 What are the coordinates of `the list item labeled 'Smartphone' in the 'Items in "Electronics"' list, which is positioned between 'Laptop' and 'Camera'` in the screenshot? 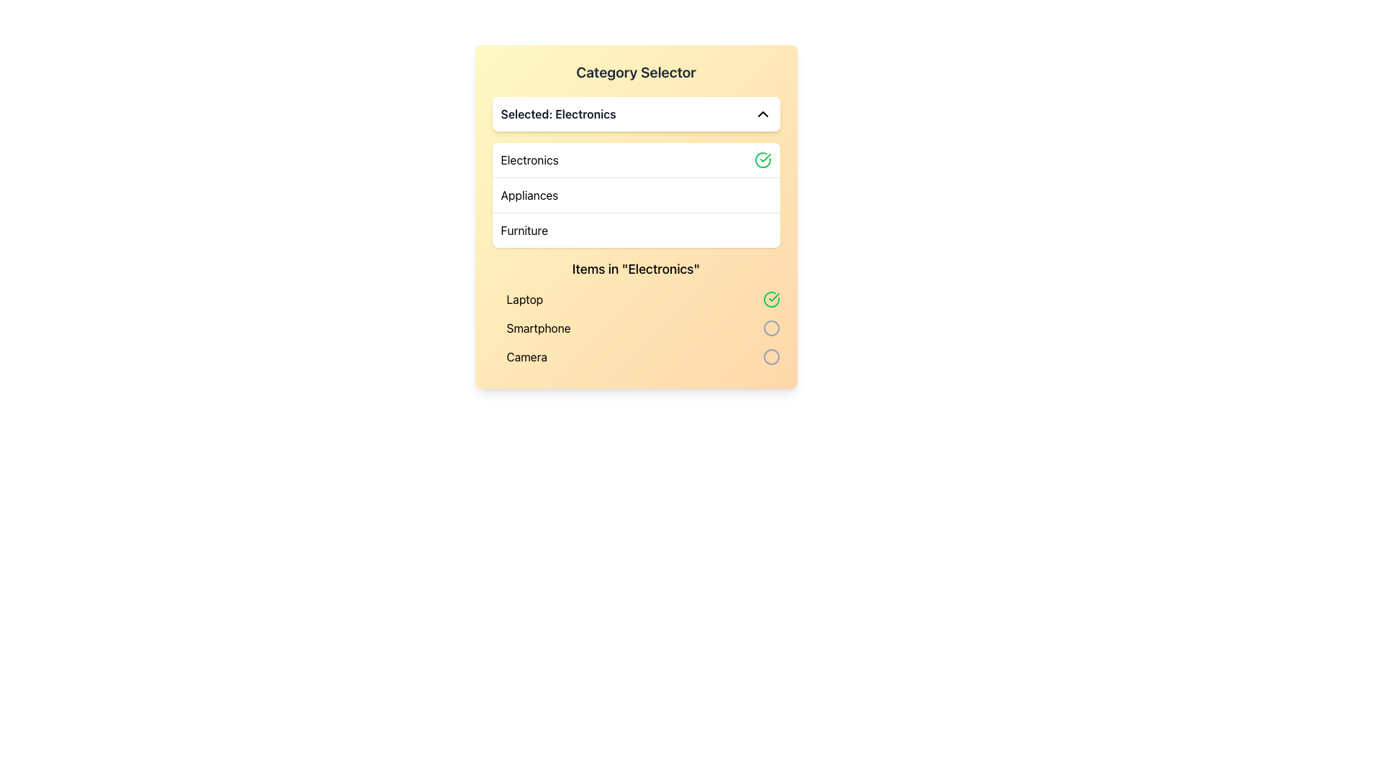 It's located at (635, 328).